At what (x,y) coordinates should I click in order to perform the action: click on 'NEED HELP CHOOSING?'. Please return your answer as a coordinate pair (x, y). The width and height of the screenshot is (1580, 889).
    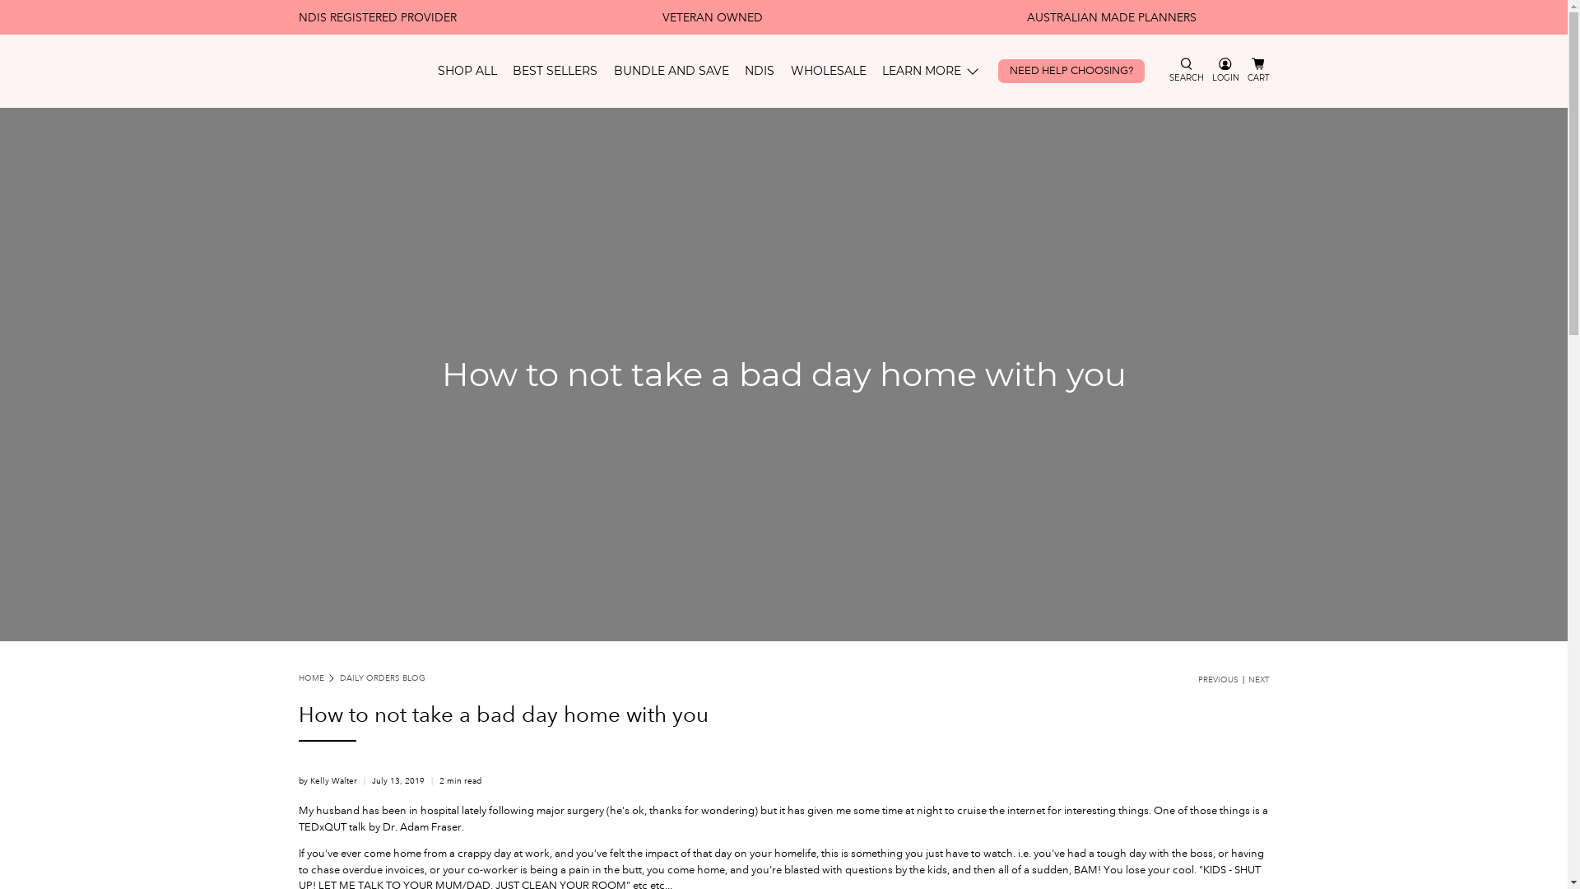
    Looking at the image, I should click on (989, 70).